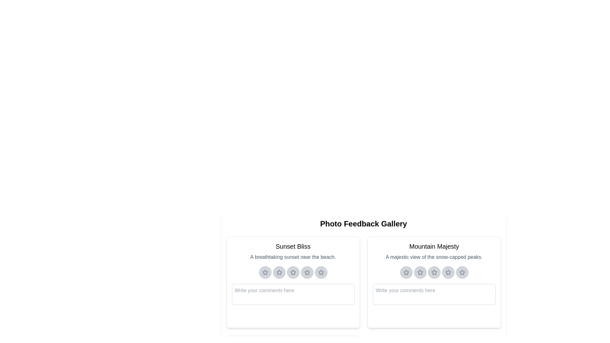 The width and height of the screenshot is (610, 343). What do you see at coordinates (293, 257) in the screenshot?
I see `the text block that is positioned below the title 'Sunset Bliss' and above a row of star icons for ratings` at bounding box center [293, 257].